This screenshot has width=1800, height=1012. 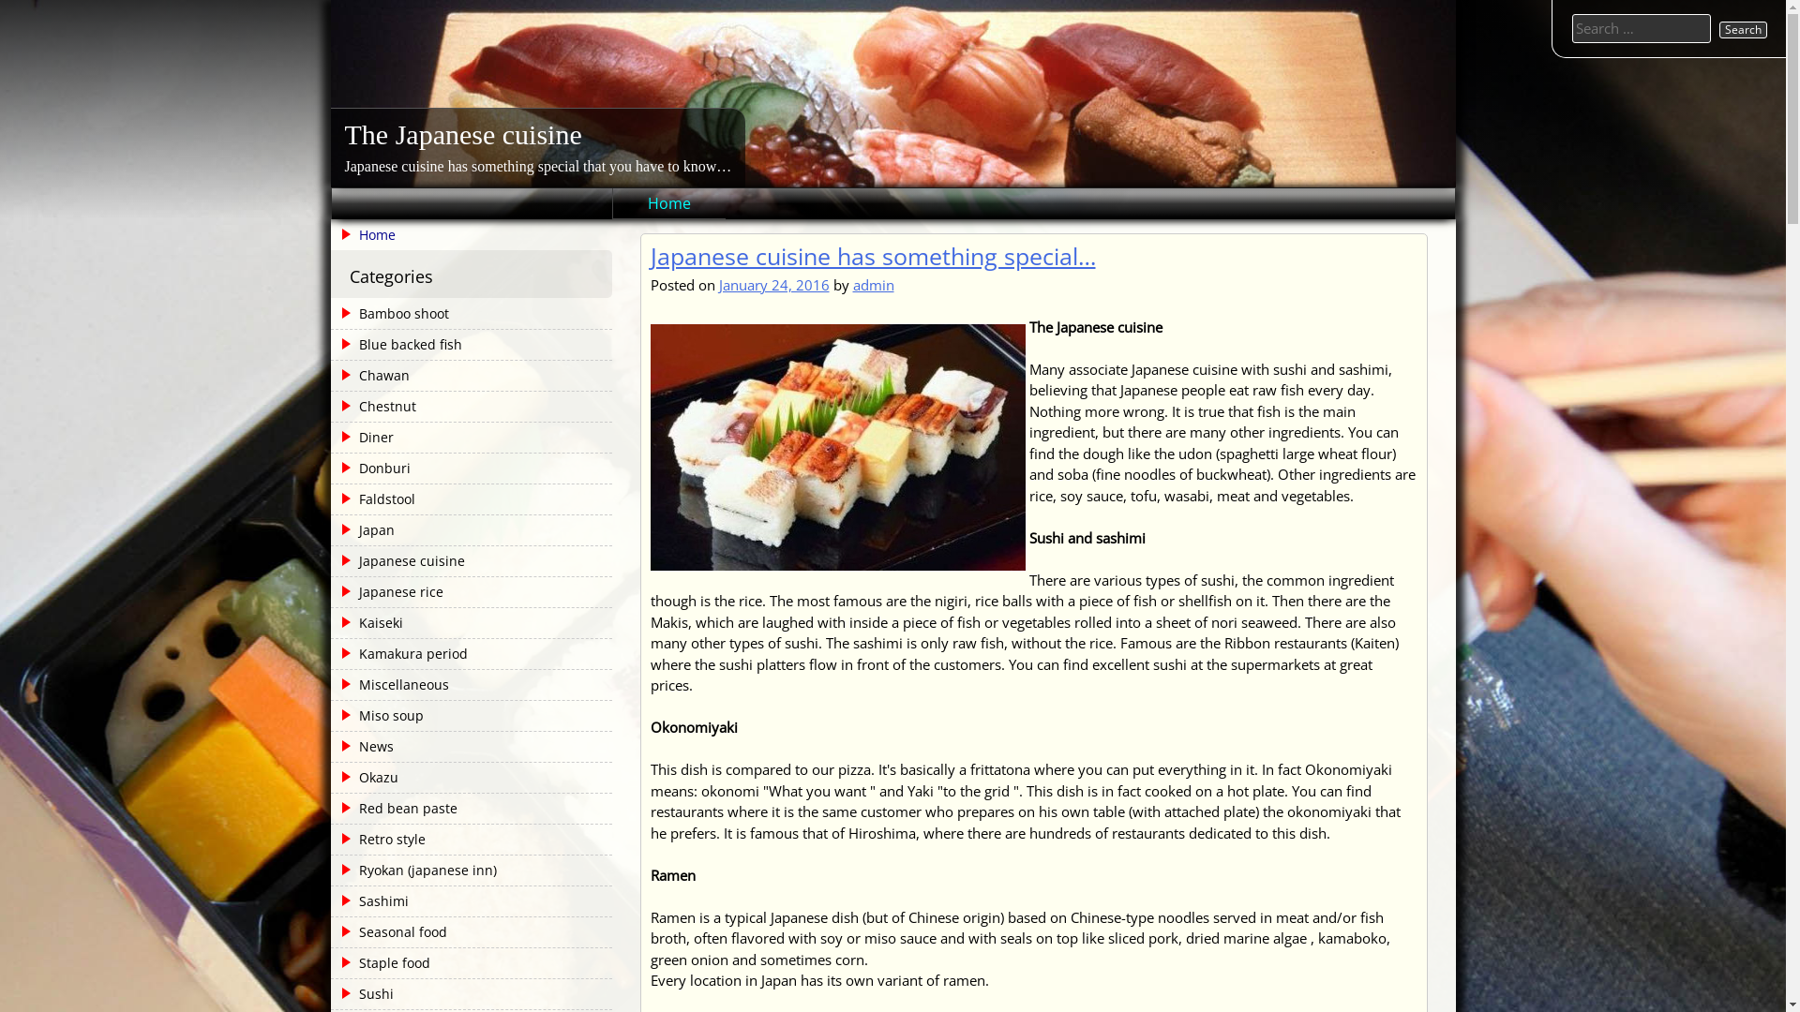 I want to click on 'Ryokan (japanese inn)', so click(x=329, y=871).